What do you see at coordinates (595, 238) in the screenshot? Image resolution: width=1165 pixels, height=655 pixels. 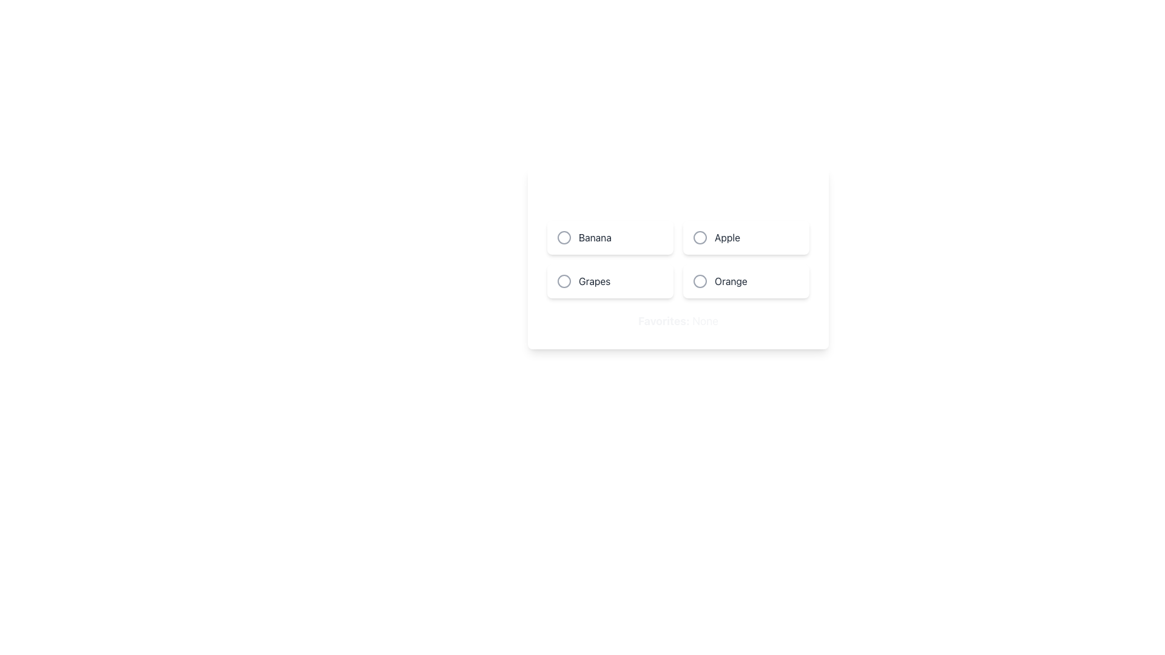 I see `the static text label displaying 'Banana', which is aligned to the right of a circular icon in the top left corner of a grid layout` at bounding box center [595, 238].